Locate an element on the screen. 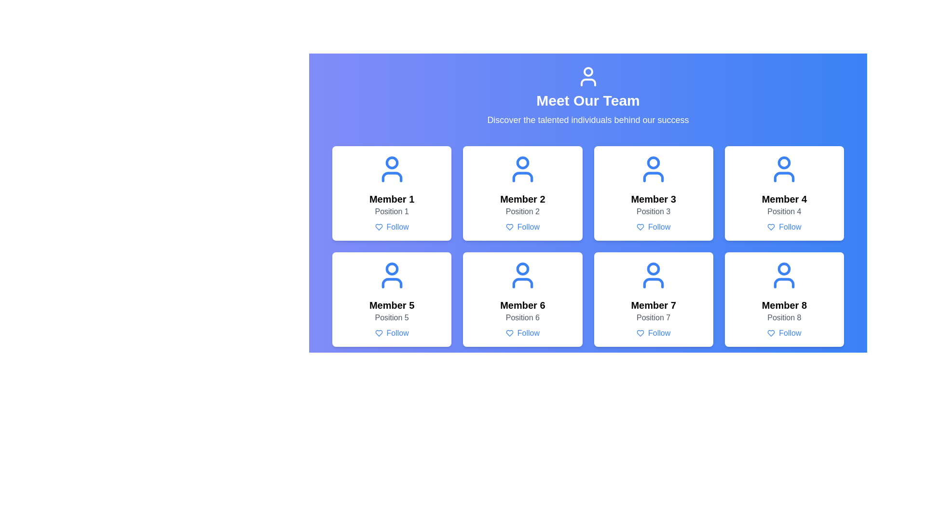 The height and width of the screenshot is (521, 926). the text label that displays the position or role associated with 'Member 5', which is located directly below the 'Member 5' title and above the 'Follow' button is located at coordinates (392, 318).